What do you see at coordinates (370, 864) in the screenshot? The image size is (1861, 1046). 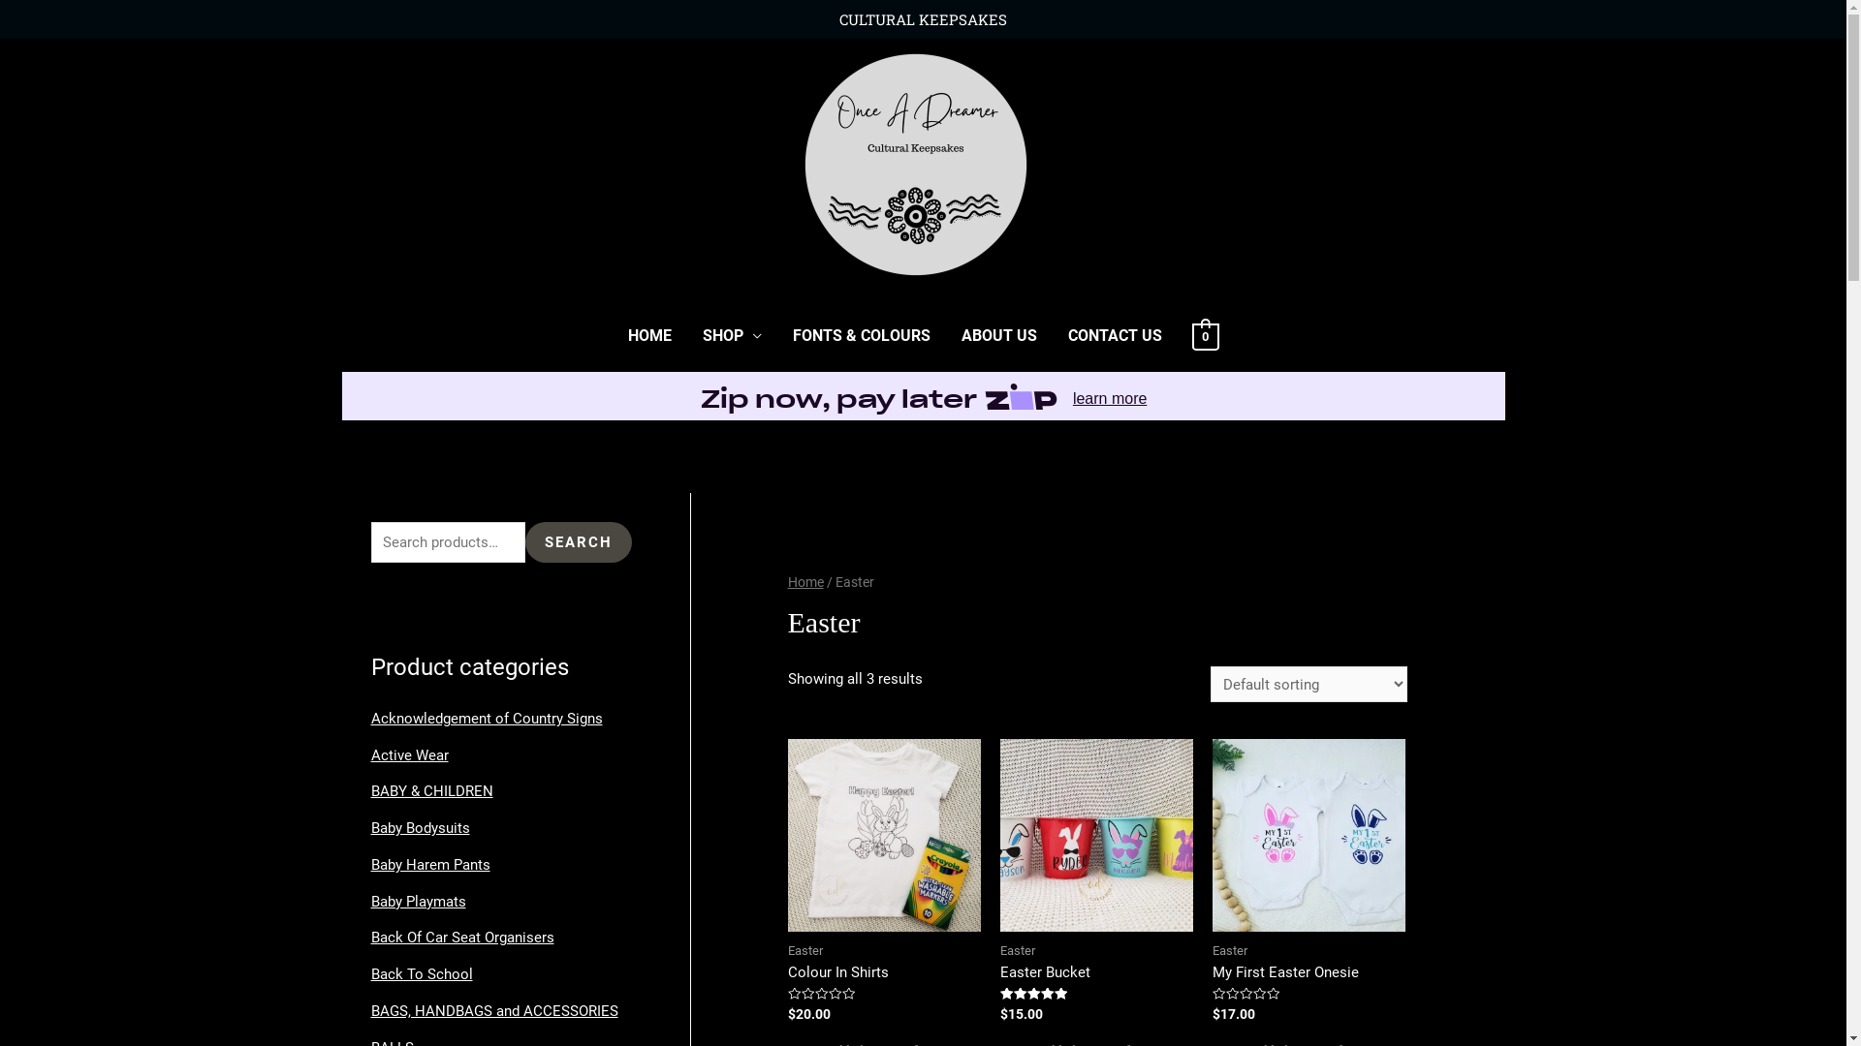 I see `'Baby Harem Pants'` at bounding box center [370, 864].